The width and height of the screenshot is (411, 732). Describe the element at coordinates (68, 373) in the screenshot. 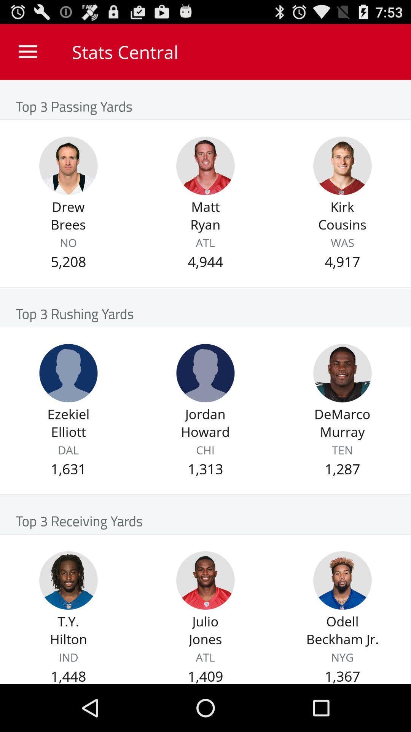

I see `show information for player` at that location.